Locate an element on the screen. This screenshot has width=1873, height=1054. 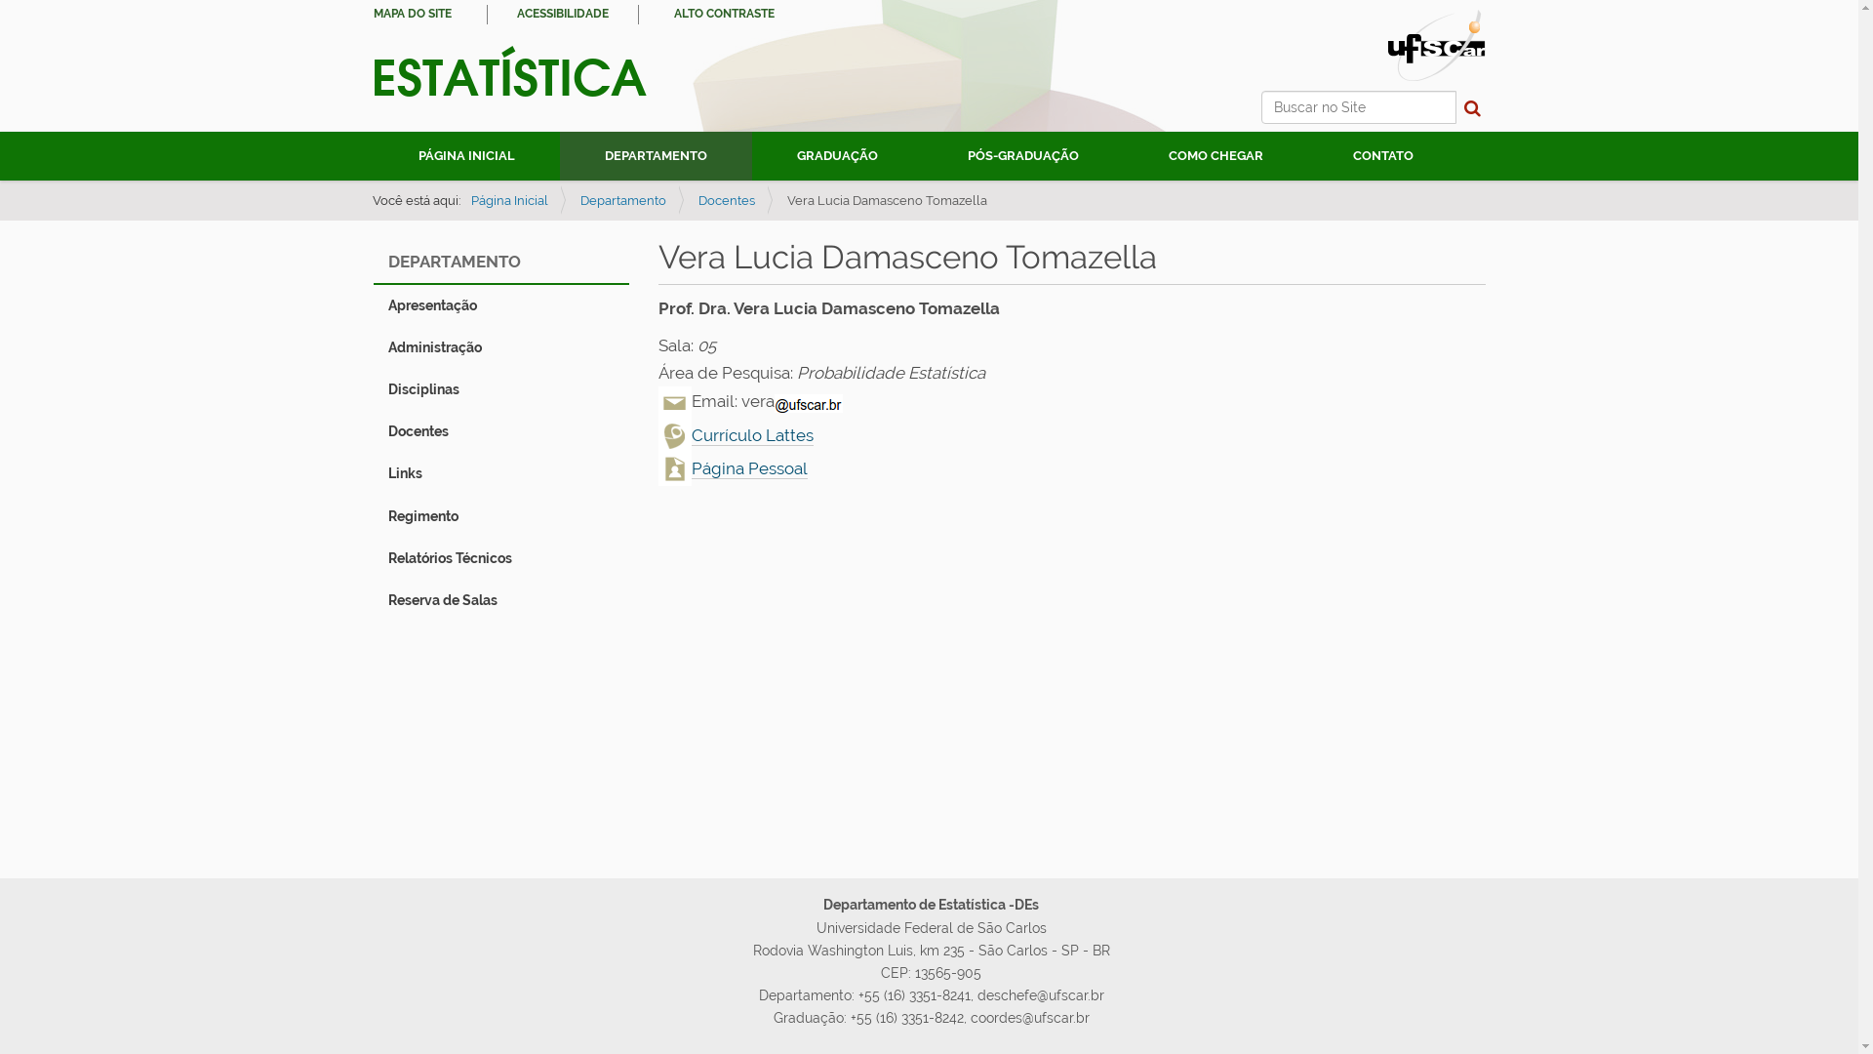
'CONTATO' is located at coordinates (1306, 154).